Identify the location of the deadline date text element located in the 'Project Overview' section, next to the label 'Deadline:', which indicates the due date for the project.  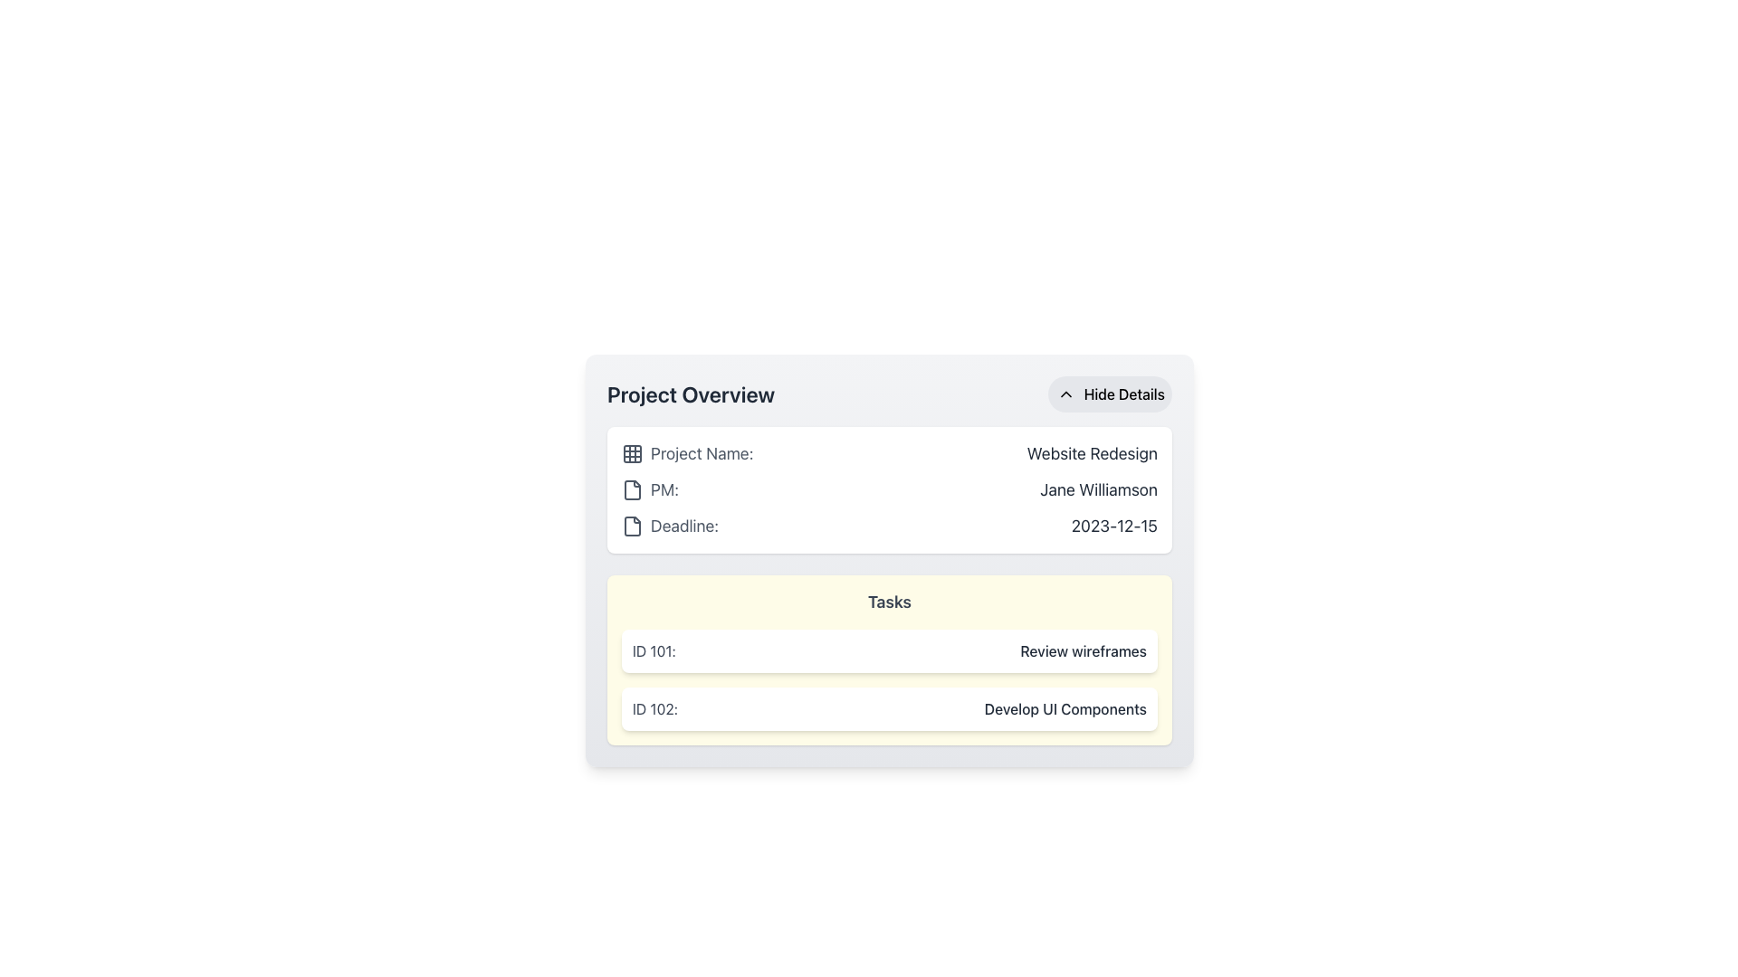
(1113, 526).